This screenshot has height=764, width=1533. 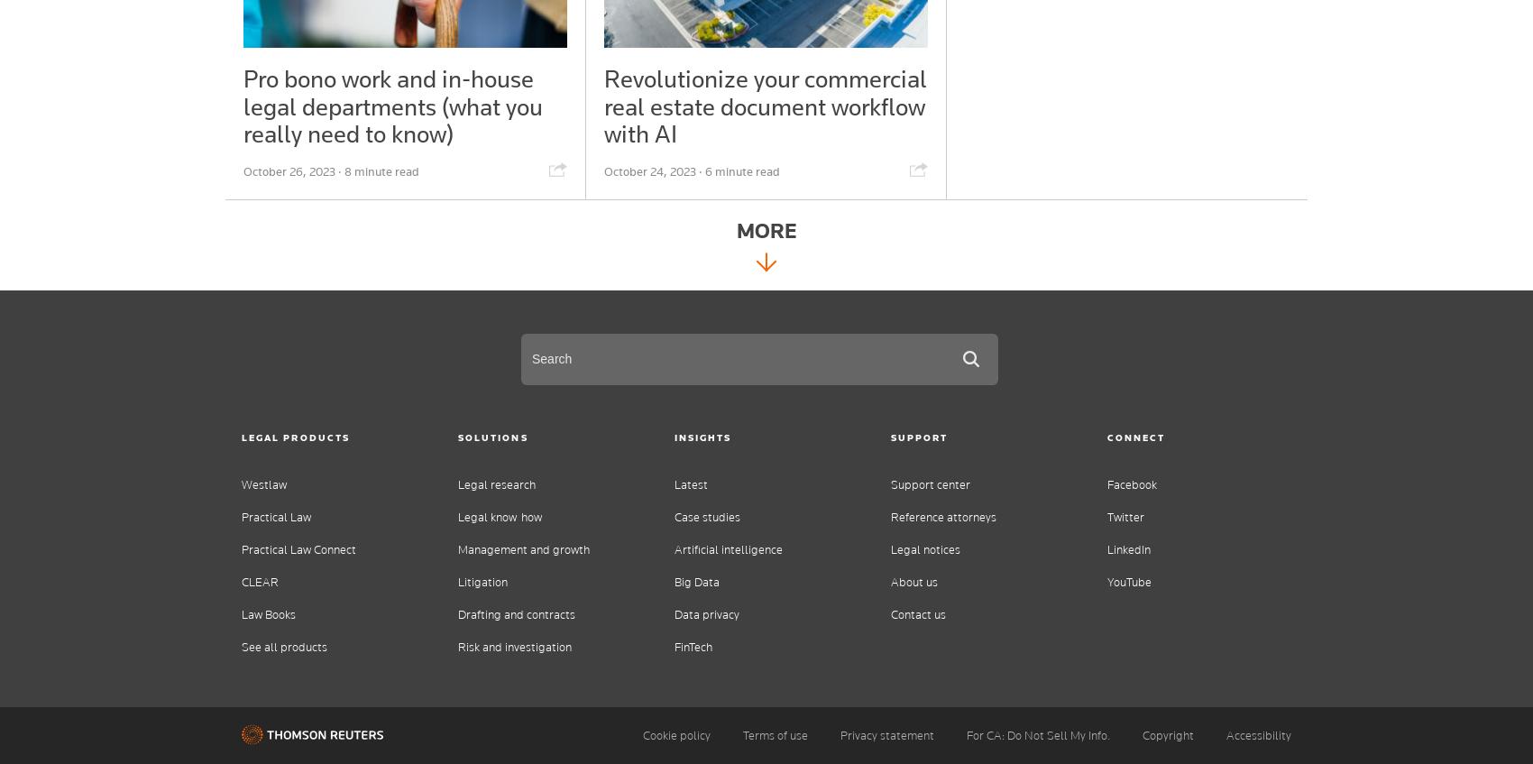 What do you see at coordinates (495, 483) in the screenshot?
I see `'Legal
                        research'` at bounding box center [495, 483].